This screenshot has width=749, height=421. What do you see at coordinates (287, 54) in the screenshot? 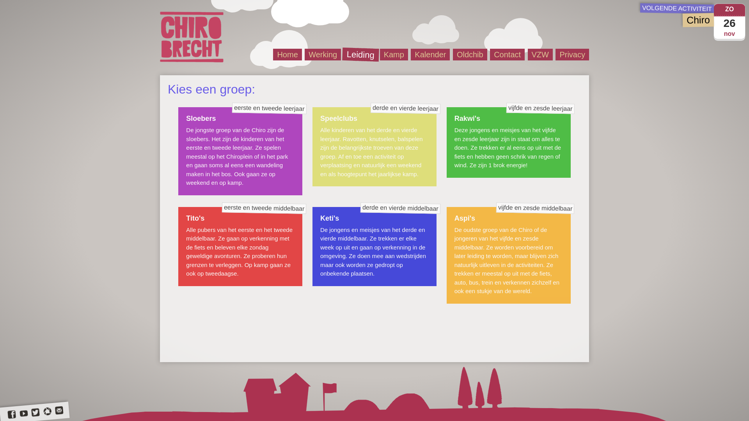
I see `'Home'` at bounding box center [287, 54].